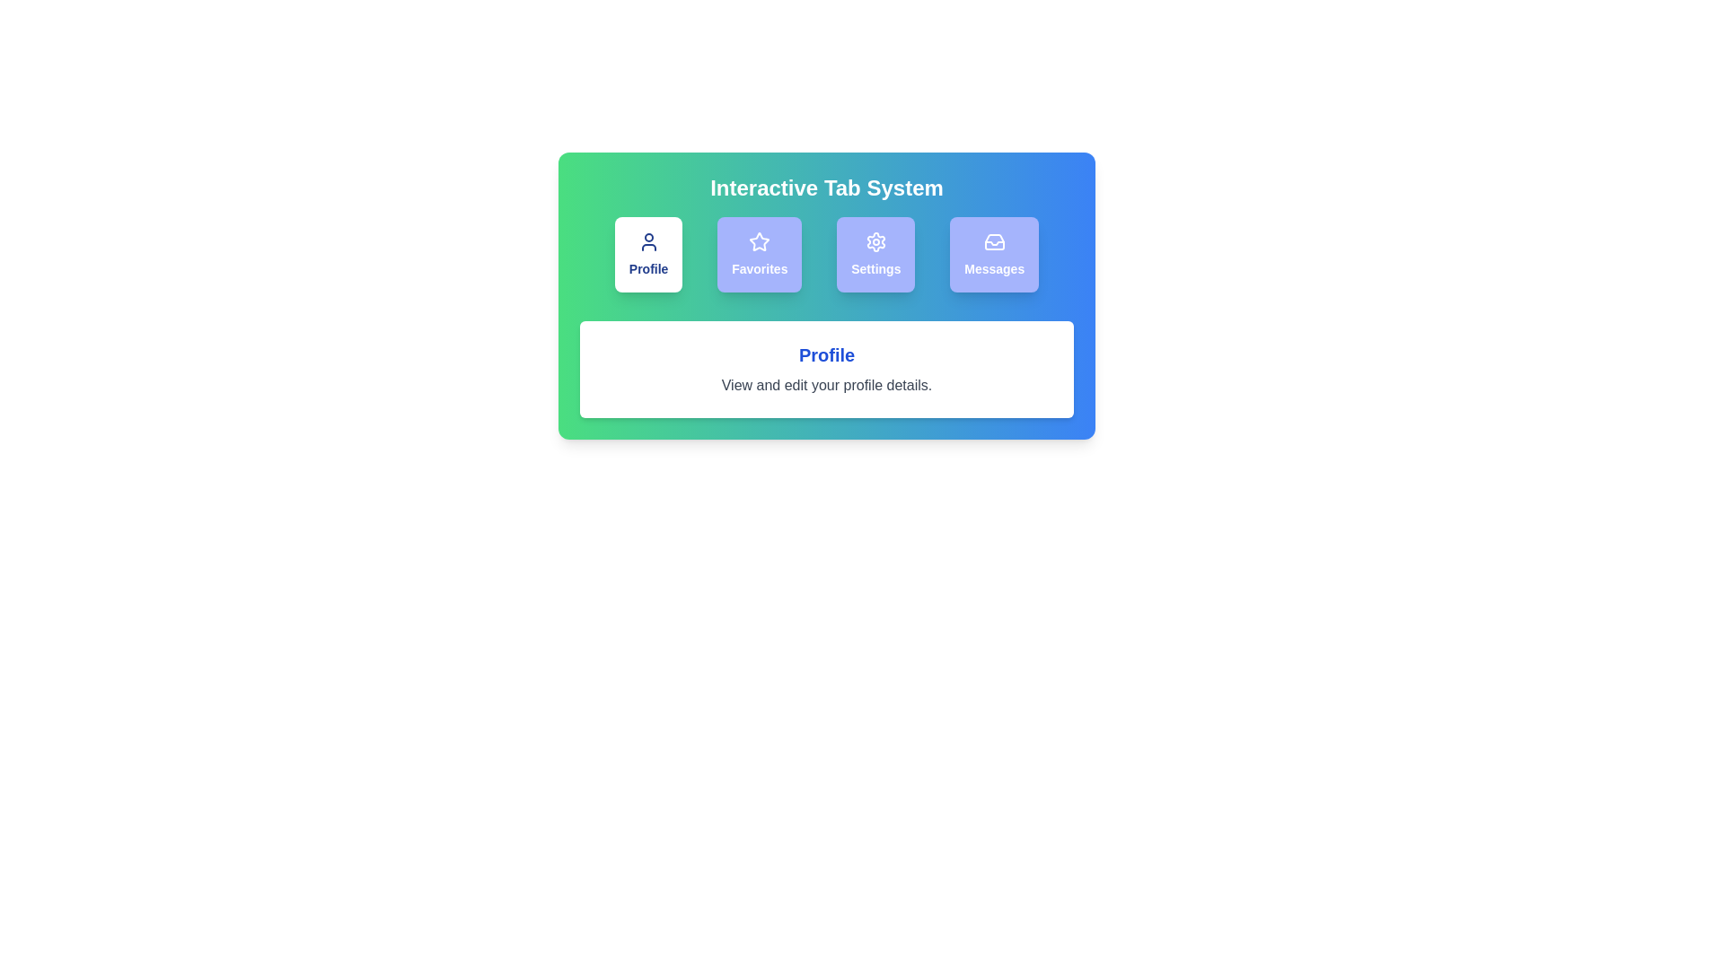  What do you see at coordinates (875, 255) in the screenshot?
I see `the Settings tab to view its content` at bounding box center [875, 255].